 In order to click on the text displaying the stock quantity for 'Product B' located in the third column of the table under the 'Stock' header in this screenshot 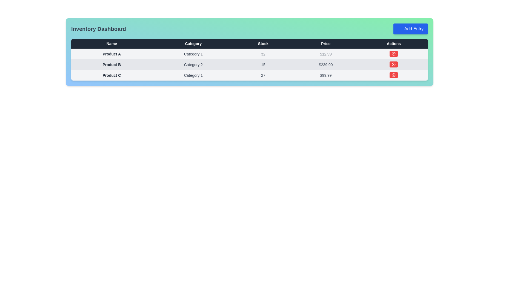, I will do `click(263, 64)`.